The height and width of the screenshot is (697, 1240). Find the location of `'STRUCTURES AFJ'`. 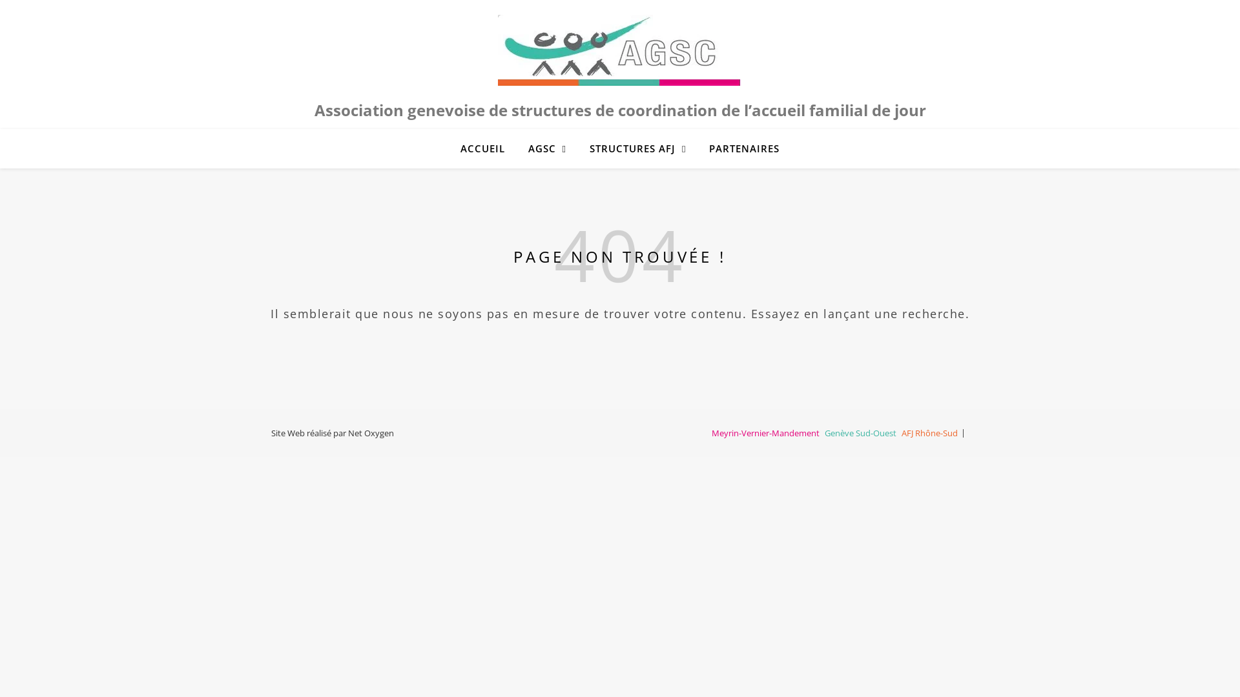

'STRUCTURES AFJ' is located at coordinates (579, 148).